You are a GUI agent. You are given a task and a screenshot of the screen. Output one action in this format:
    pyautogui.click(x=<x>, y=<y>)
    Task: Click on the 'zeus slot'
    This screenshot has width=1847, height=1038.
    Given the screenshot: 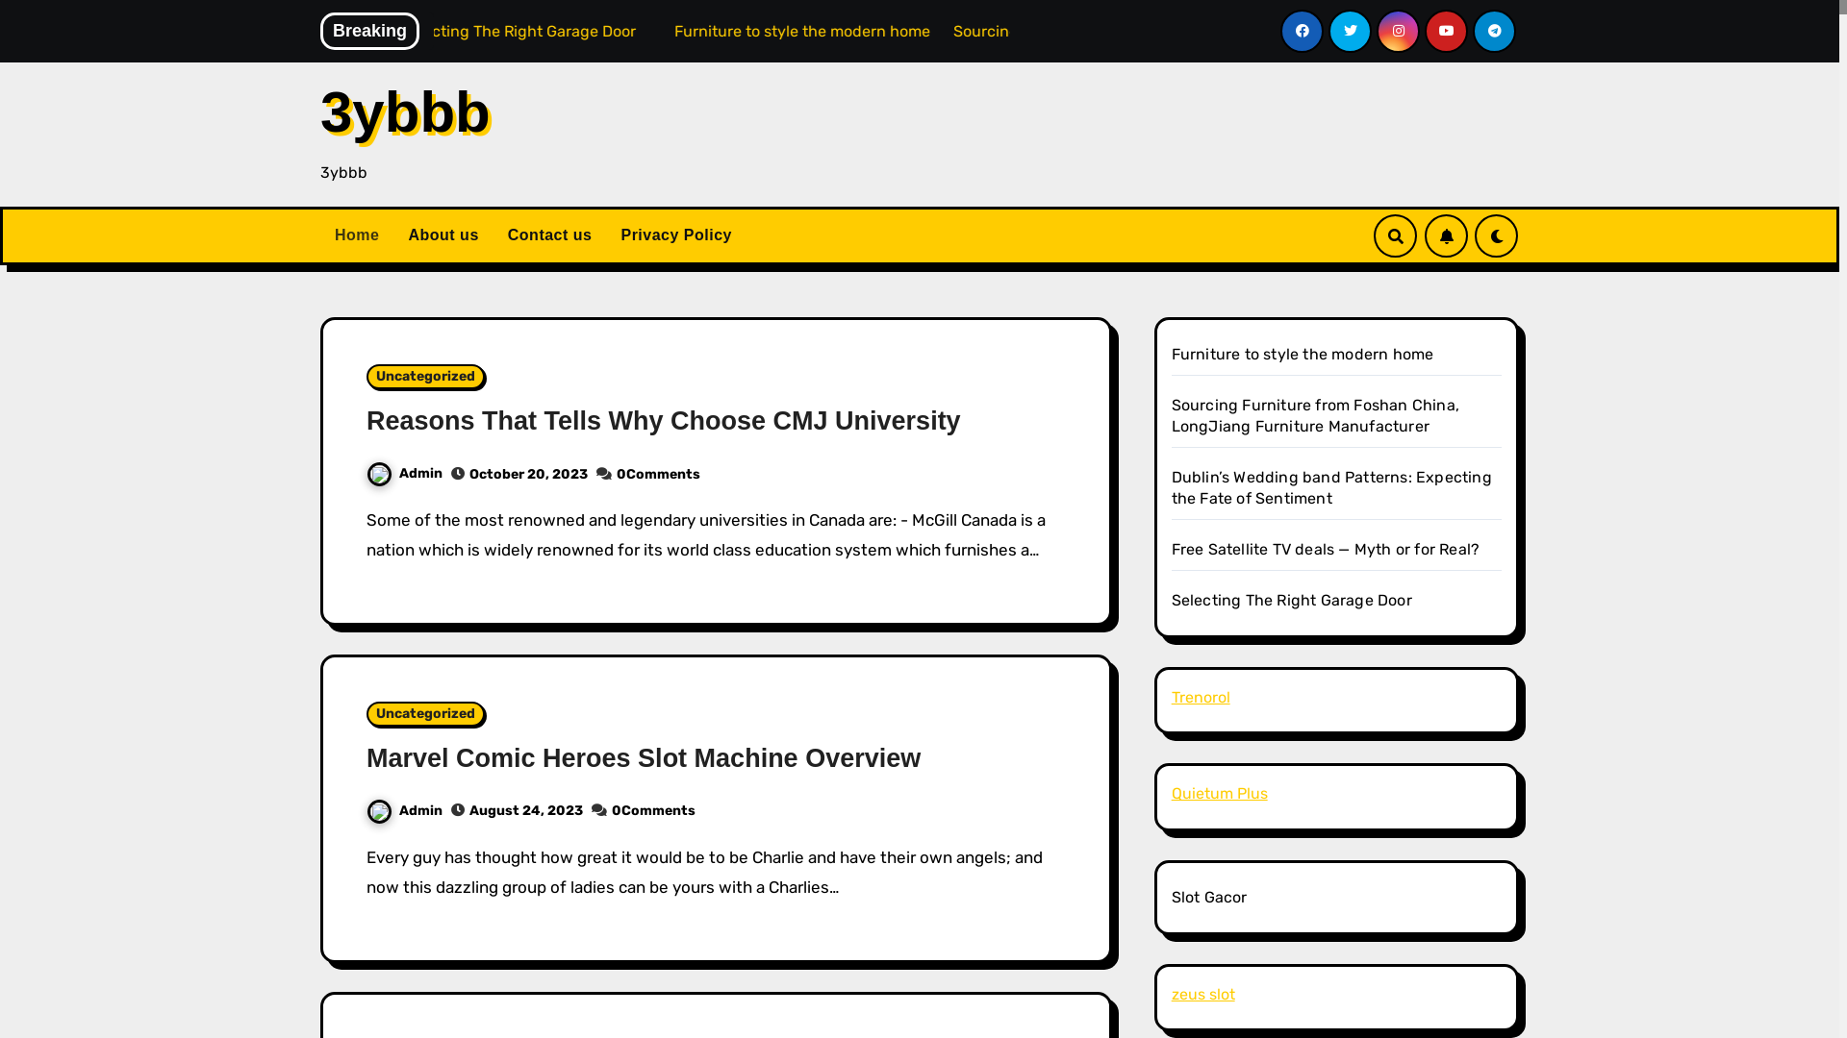 What is the action you would take?
    pyautogui.click(x=1202, y=994)
    